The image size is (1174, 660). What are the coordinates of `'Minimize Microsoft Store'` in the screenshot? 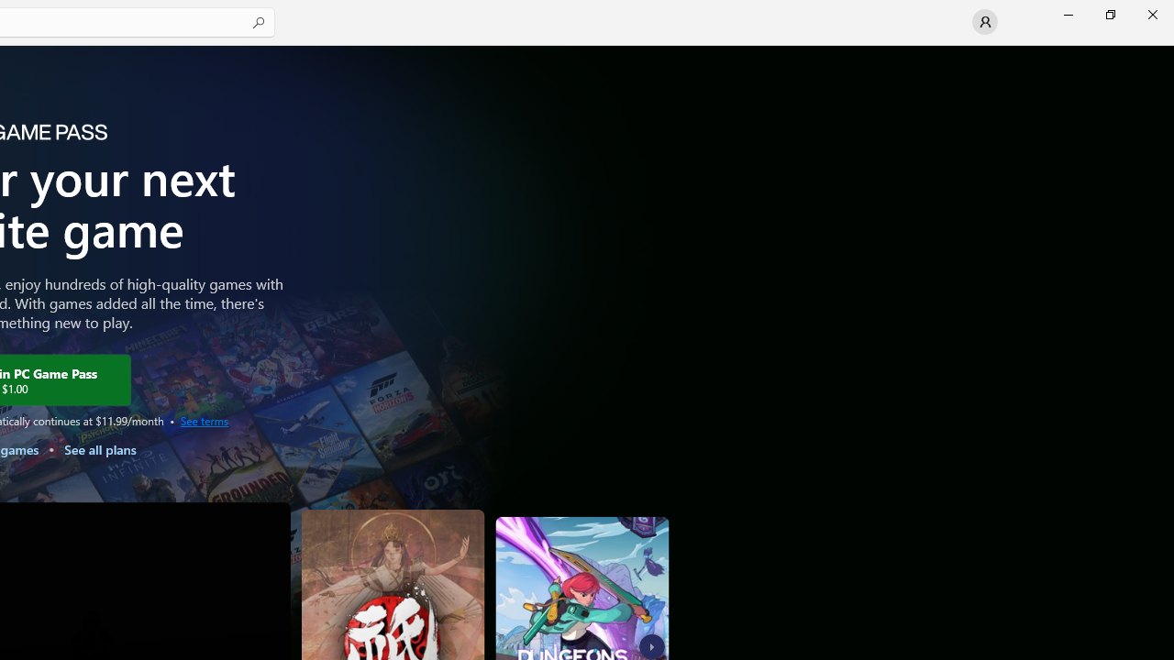 It's located at (1068, 14).